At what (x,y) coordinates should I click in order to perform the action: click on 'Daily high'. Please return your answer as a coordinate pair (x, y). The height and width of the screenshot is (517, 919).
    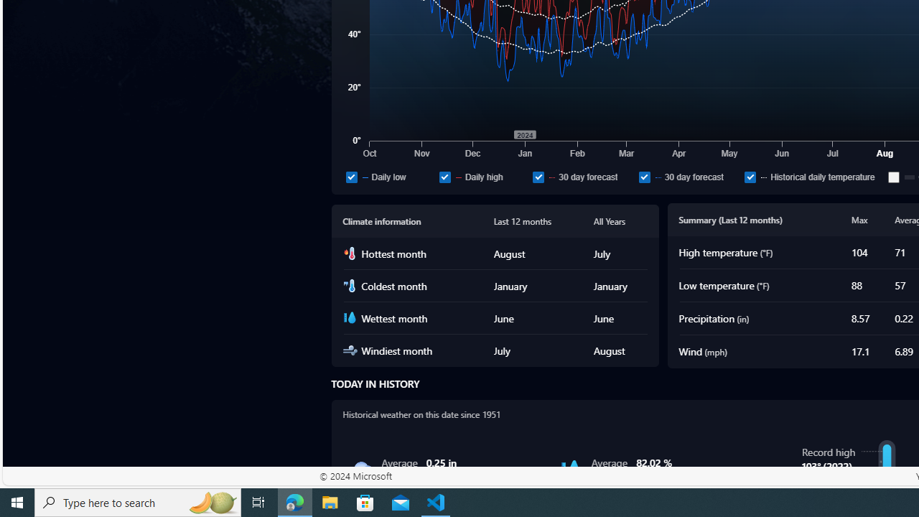
    Looking at the image, I should click on (482, 176).